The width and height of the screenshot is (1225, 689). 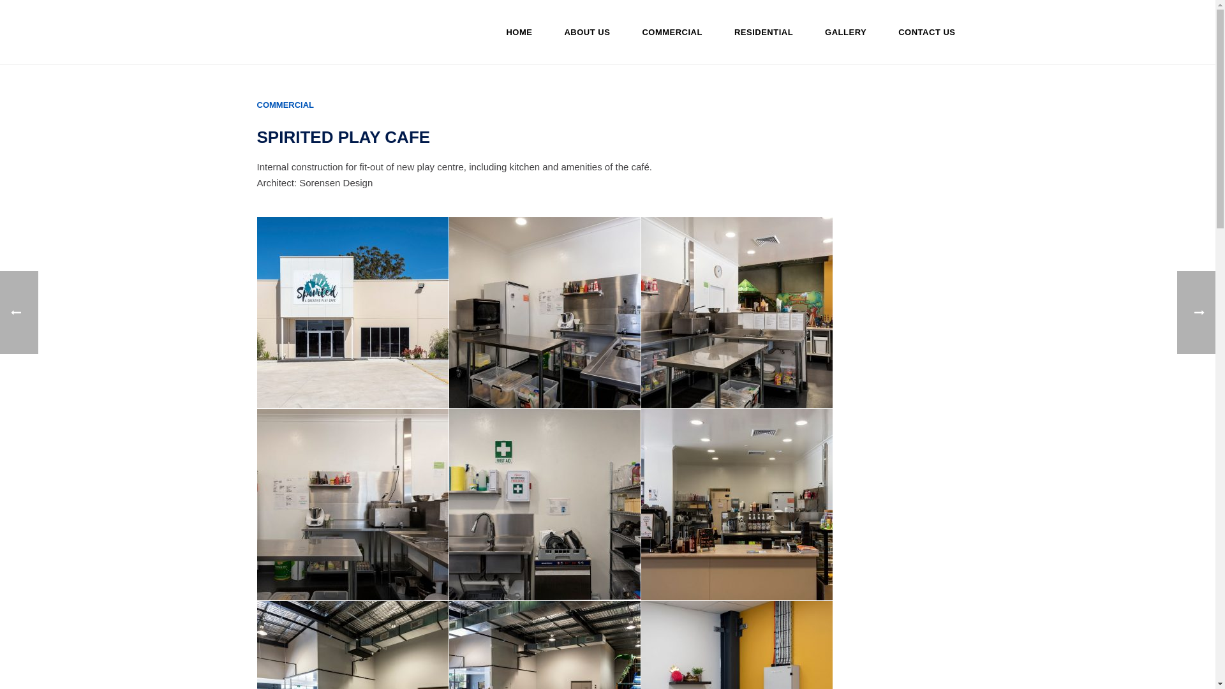 I want to click on '017-jt-20181120-0422-modifier-modifier', so click(x=545, y=312).